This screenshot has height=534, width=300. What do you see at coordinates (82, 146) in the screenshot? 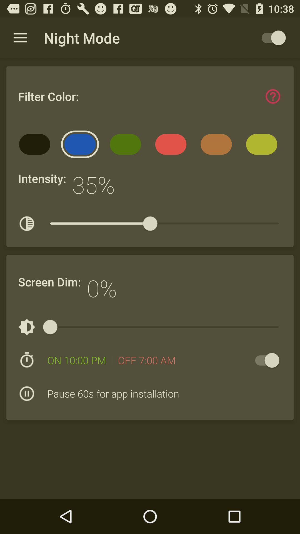
I see `the icon below the filter color:` at bounding box center [82, 146].